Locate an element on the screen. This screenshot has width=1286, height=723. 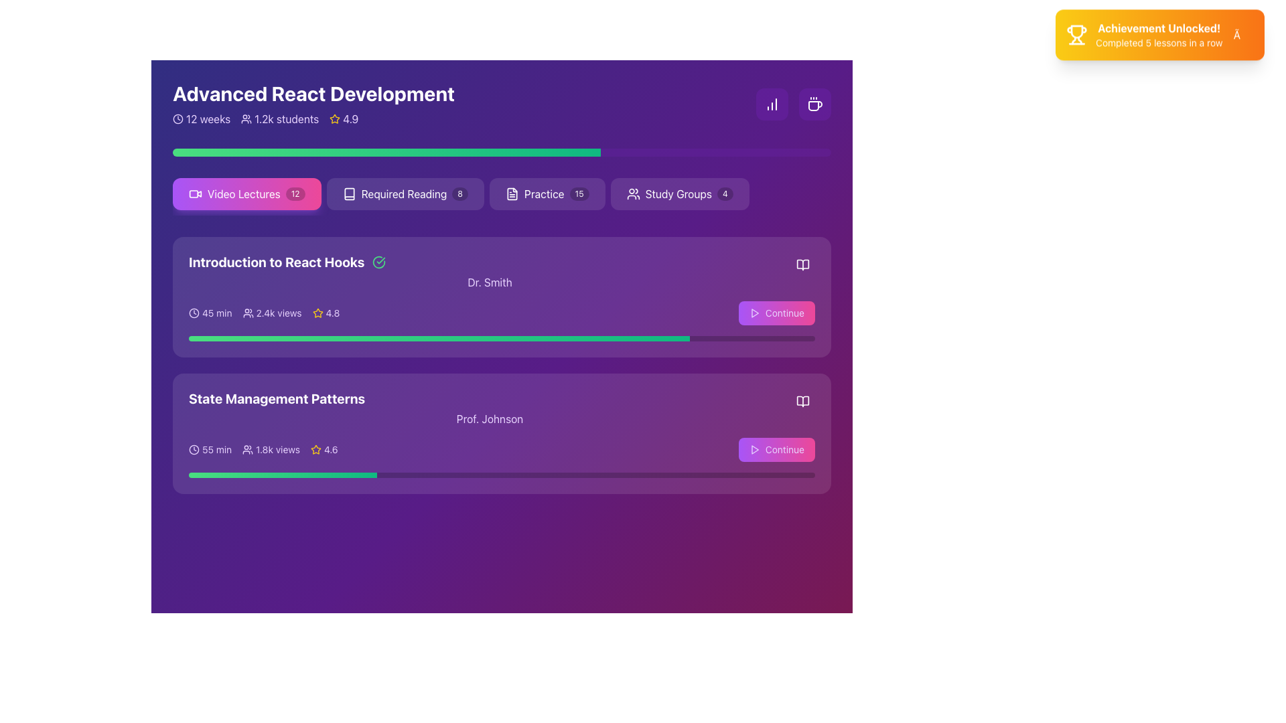
the yellow hollow star icon used for ratings, located in the header section, to the right of '1.2k students' and before the rating value '4.9' is located at coordinates (335, 118).